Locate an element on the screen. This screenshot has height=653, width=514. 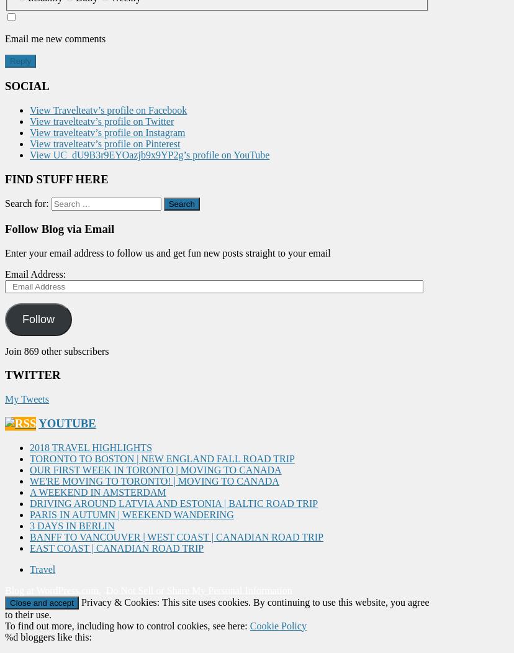
'Do Not Sell or Share My Personal Information' is located at coordinates (198, 589).